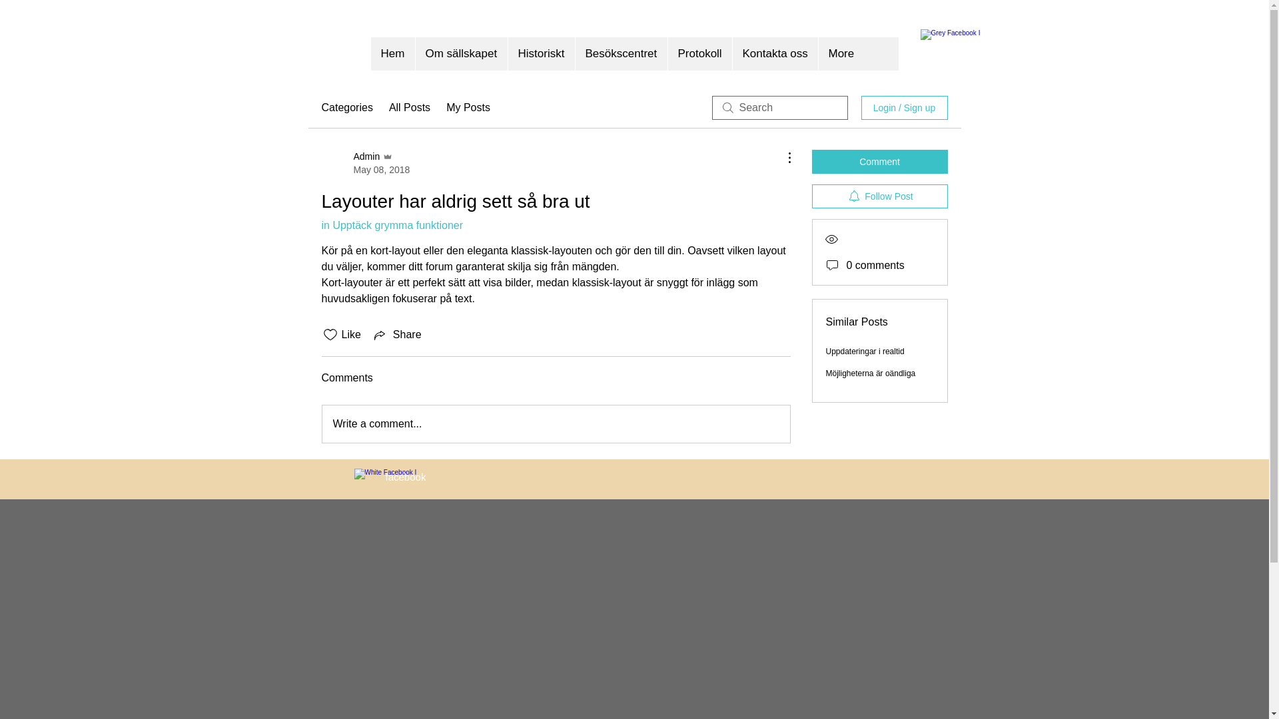  Describe the element at coordinates (541, 53) in the screenshot. I see `'Historiskt'` at that location.